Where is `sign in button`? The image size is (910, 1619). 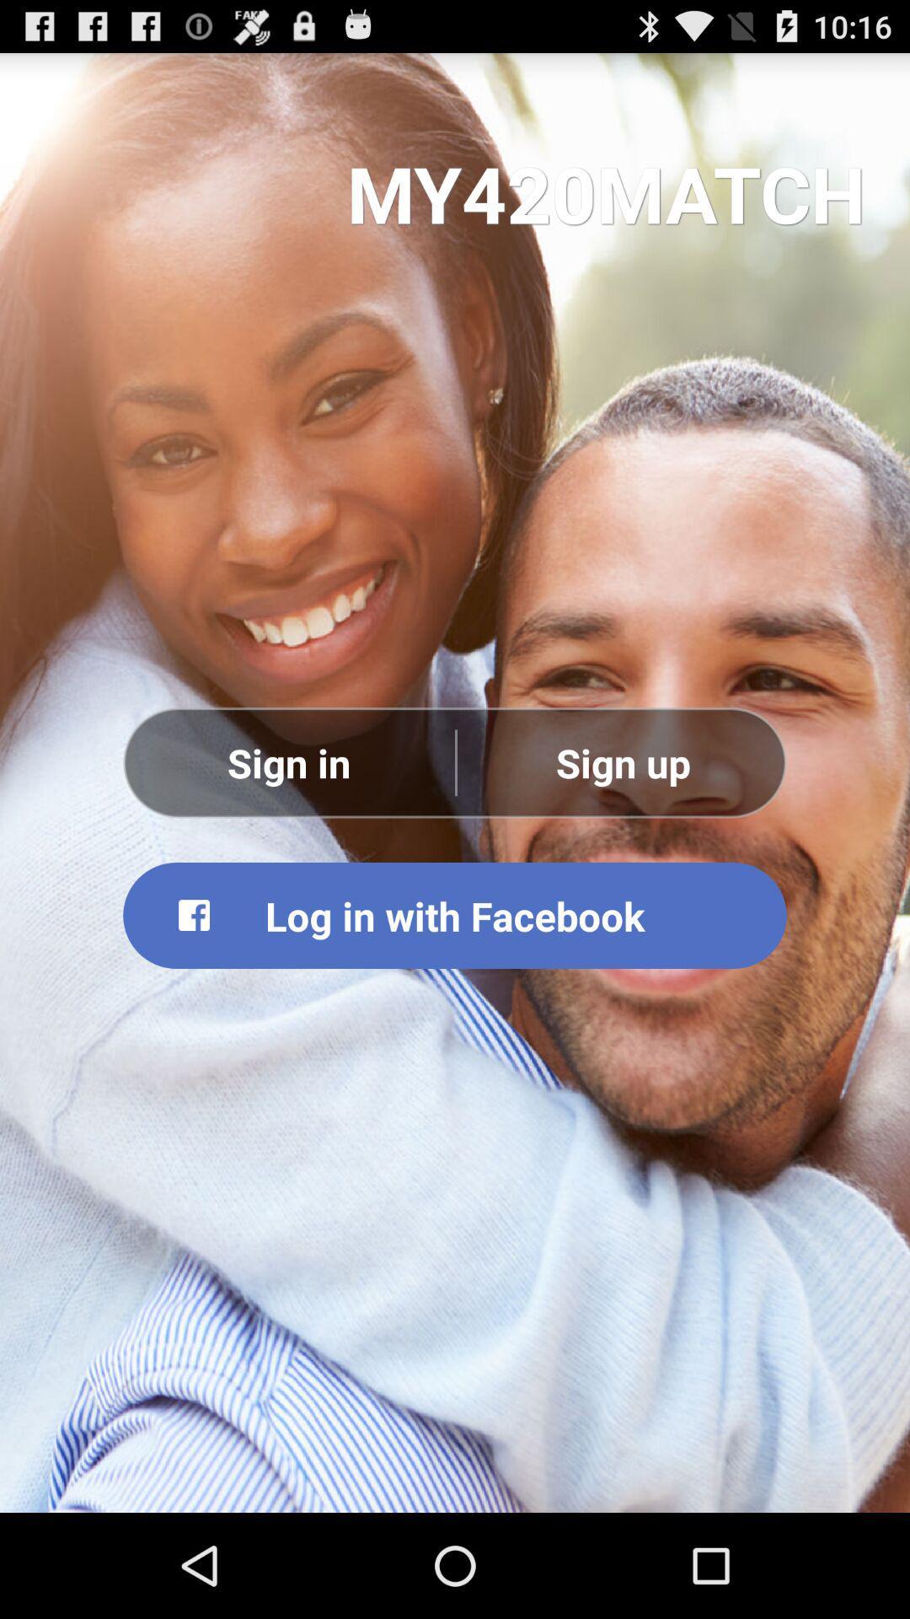
sign in button is located at coordinates (288, 761).